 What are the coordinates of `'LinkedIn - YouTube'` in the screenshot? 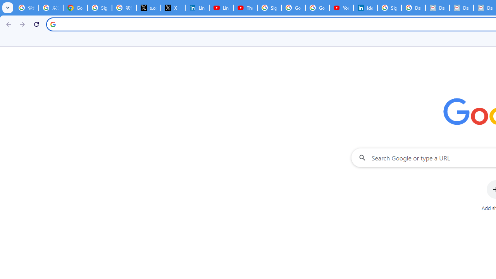 It's located at (220, 8).